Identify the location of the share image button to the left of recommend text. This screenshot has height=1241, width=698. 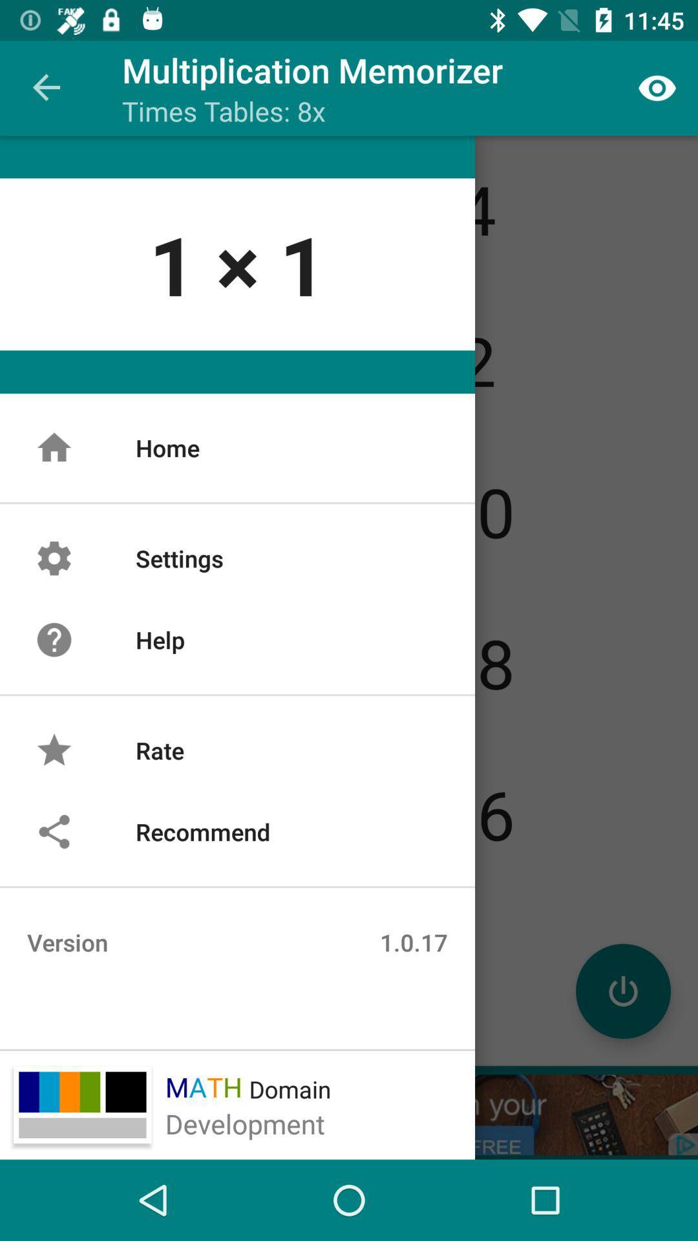
(54, 831).